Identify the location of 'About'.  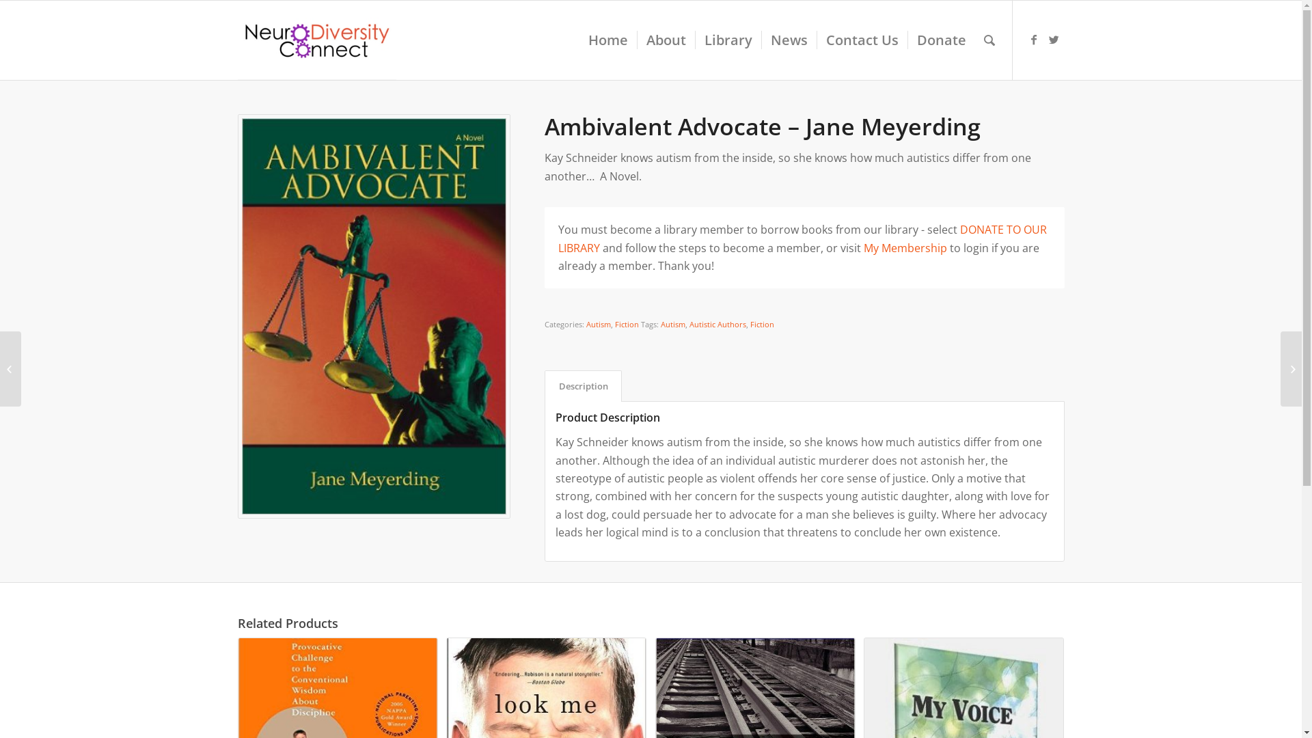
(666, 39).